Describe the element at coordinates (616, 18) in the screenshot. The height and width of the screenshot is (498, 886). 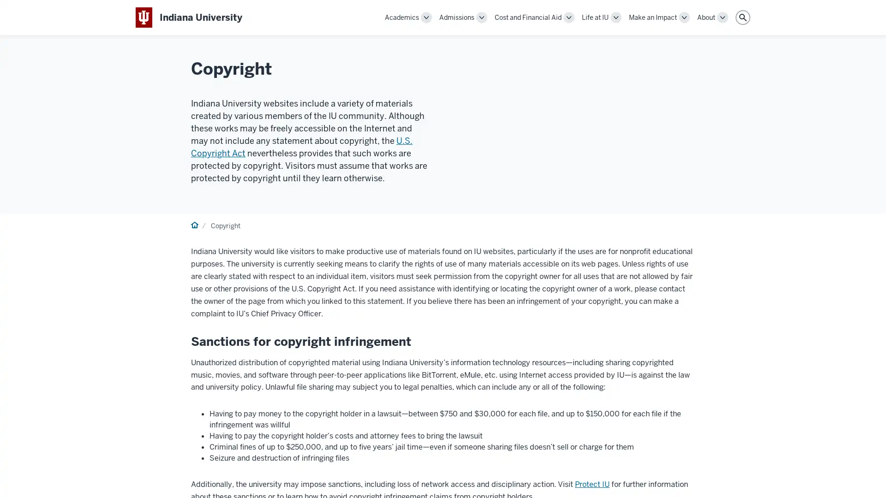
I see `Toggle Life at IU navigation` at that location.